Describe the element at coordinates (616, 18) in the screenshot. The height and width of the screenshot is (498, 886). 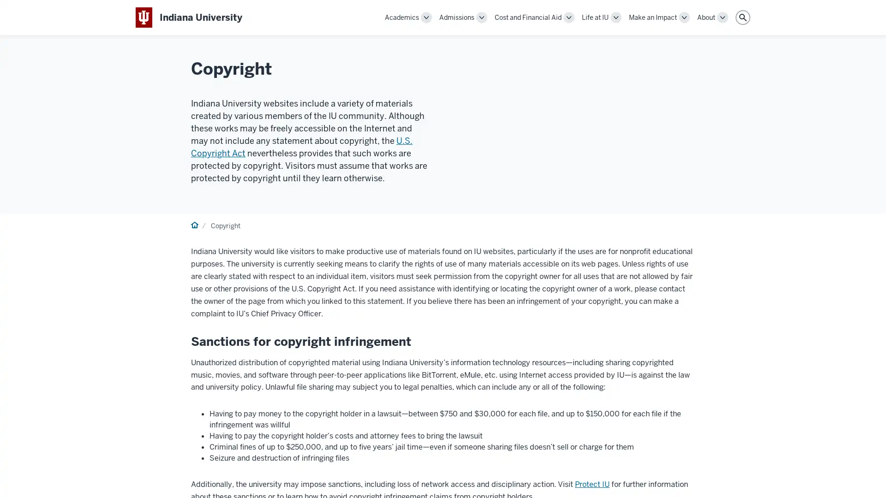
I see `Toggle Life at IU navigation` at that location.